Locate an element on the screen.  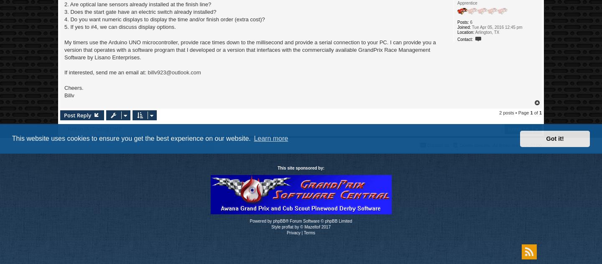
'Got it!' is located at coordinates (546, 138).